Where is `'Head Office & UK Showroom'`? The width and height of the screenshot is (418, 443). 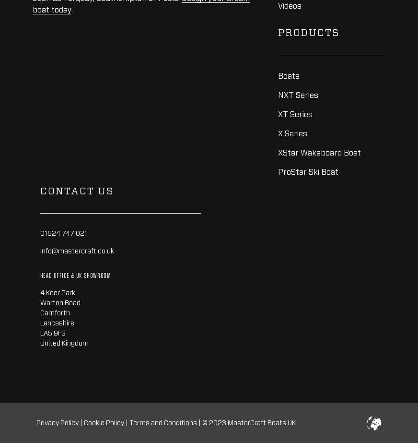 'Head Office & UK Showroom' is located at coordinates (39, 275).